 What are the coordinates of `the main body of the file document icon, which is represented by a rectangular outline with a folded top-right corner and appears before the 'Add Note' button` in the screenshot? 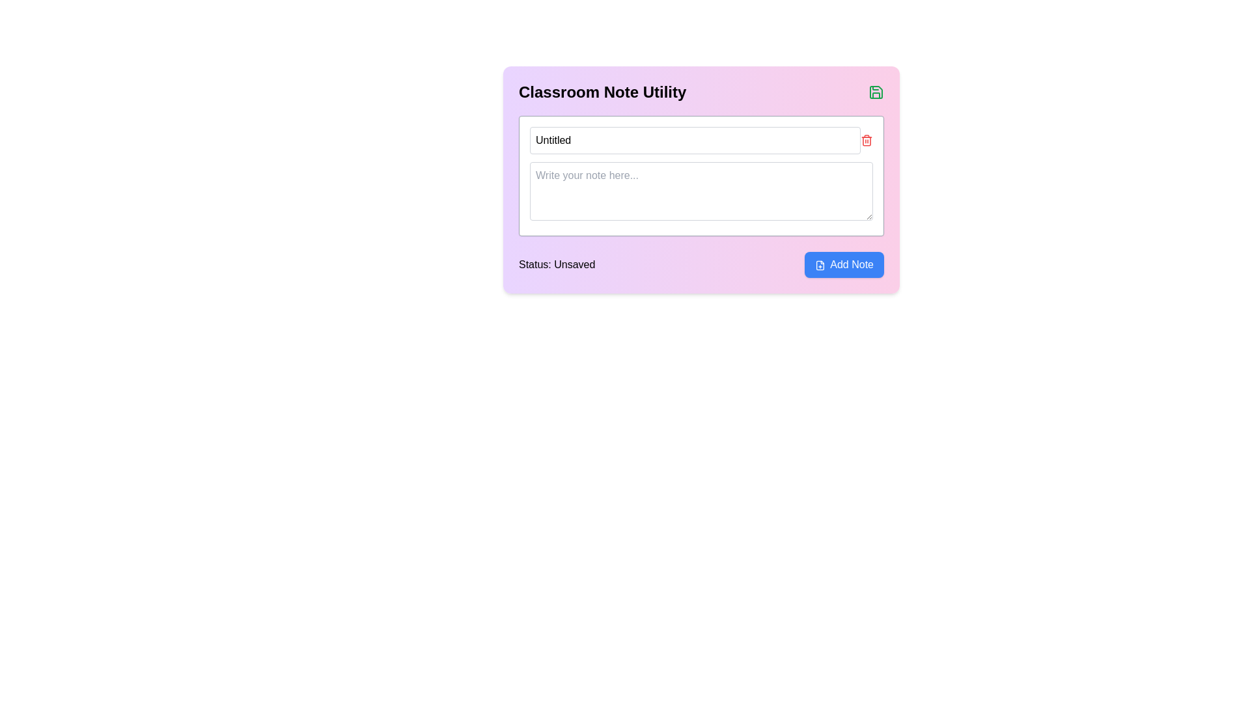 It's located at (819, 264).